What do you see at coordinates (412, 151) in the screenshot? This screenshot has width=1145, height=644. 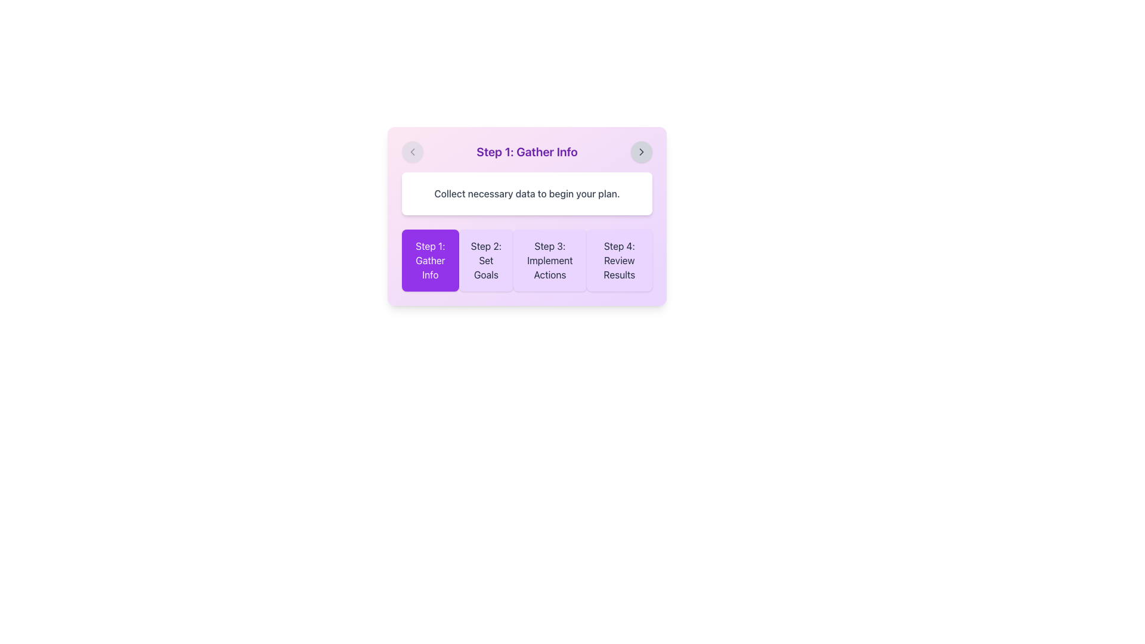 I see `the disabled navigation icon located in the top-left region of the navigation interface, adjacent to the 'Step 1: Gather Info' title` at bounding box center [412, 151].